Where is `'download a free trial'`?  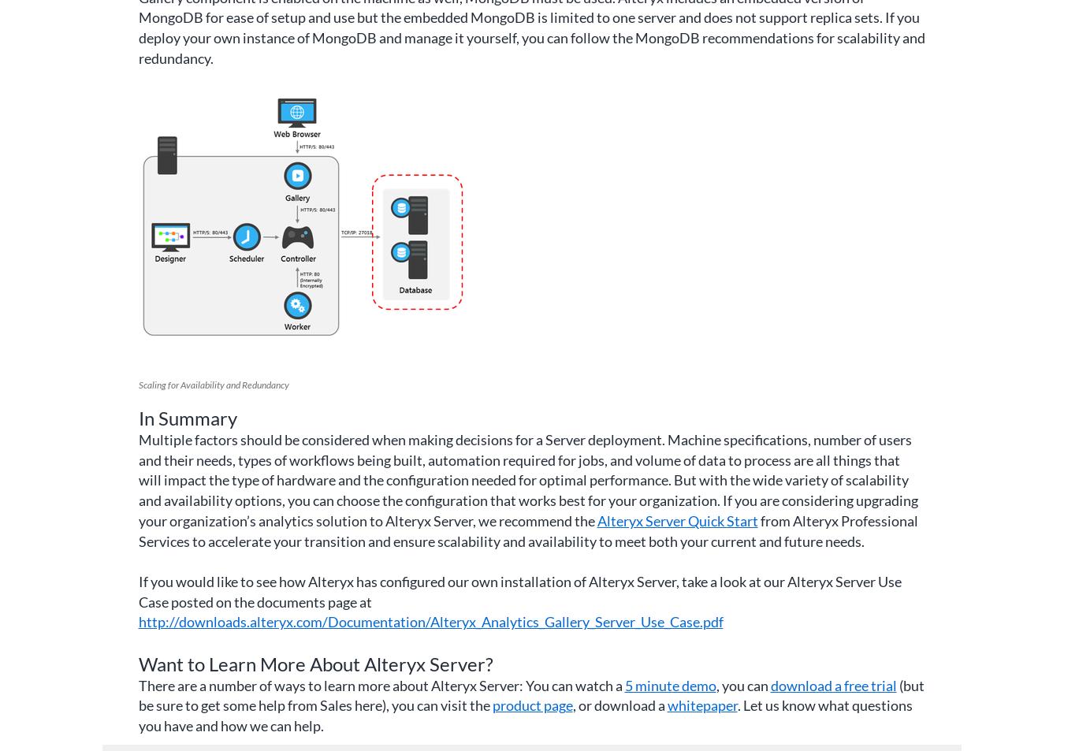 'download a free trial' is located at coordinates (833, 685).